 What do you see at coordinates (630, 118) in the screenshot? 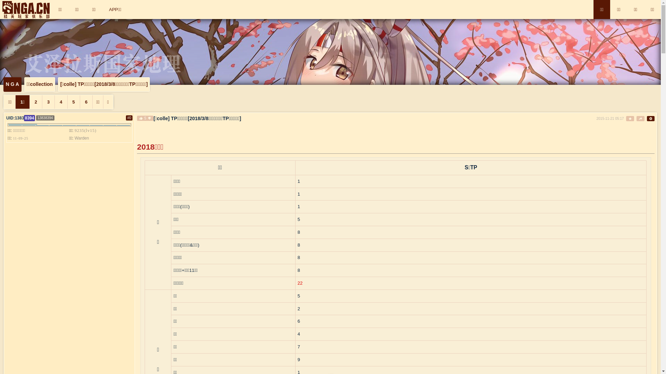
I see `'  '` at bounding box center [630, 118].